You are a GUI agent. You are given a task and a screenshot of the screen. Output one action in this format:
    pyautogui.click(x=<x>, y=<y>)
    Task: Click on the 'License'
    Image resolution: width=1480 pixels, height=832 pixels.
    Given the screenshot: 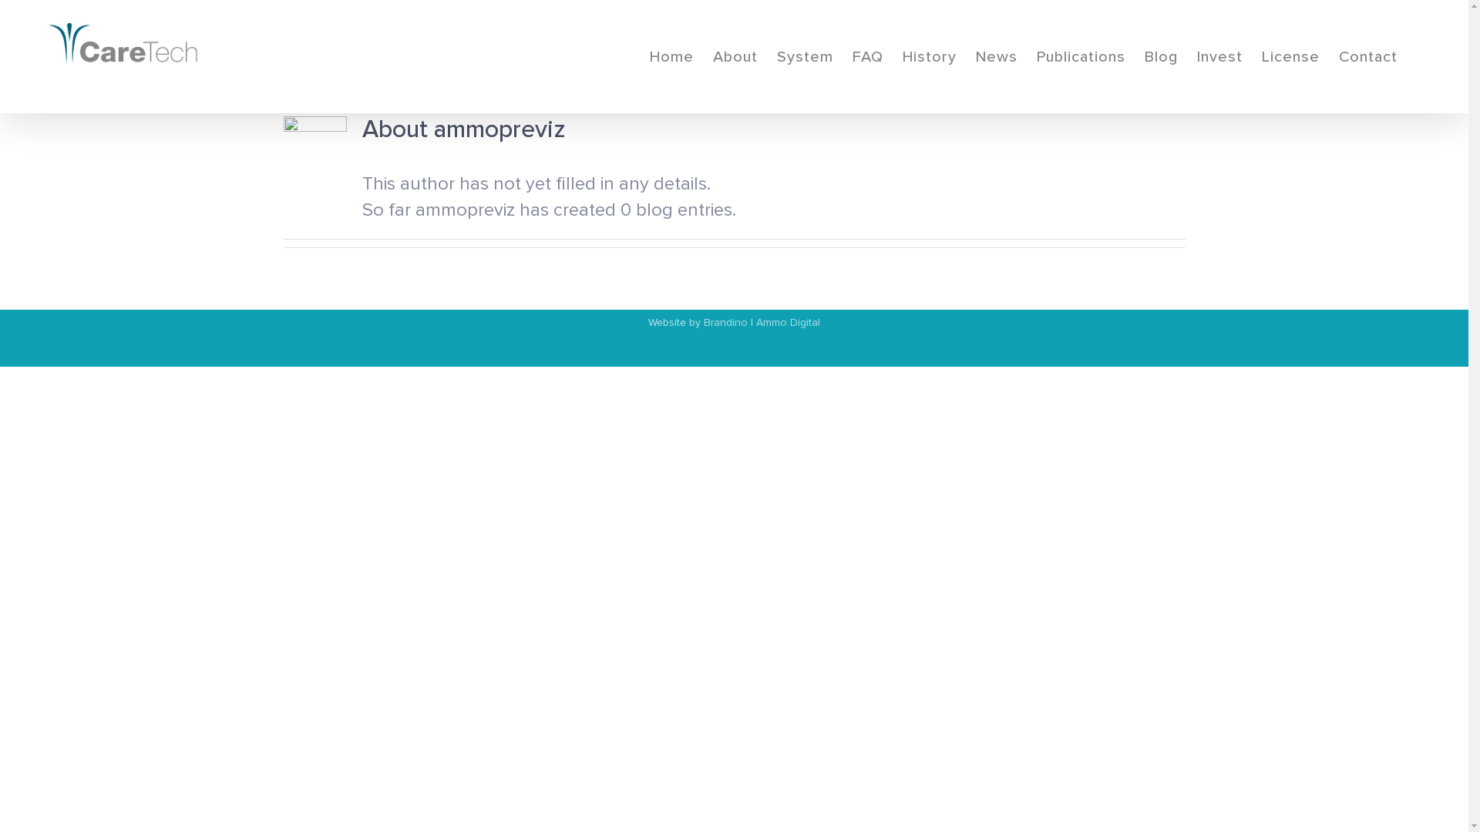 What is the action you would take?
    pyautogui.click(x=1290, y=55)
    